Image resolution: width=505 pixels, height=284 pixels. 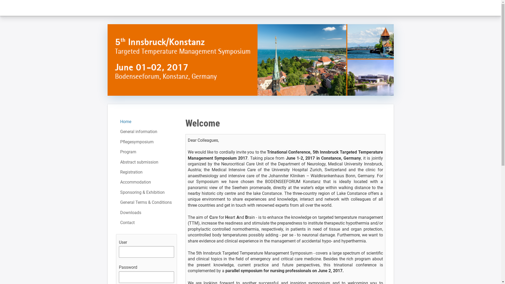 I want to click on 'General information', so click(x=146, y=131).